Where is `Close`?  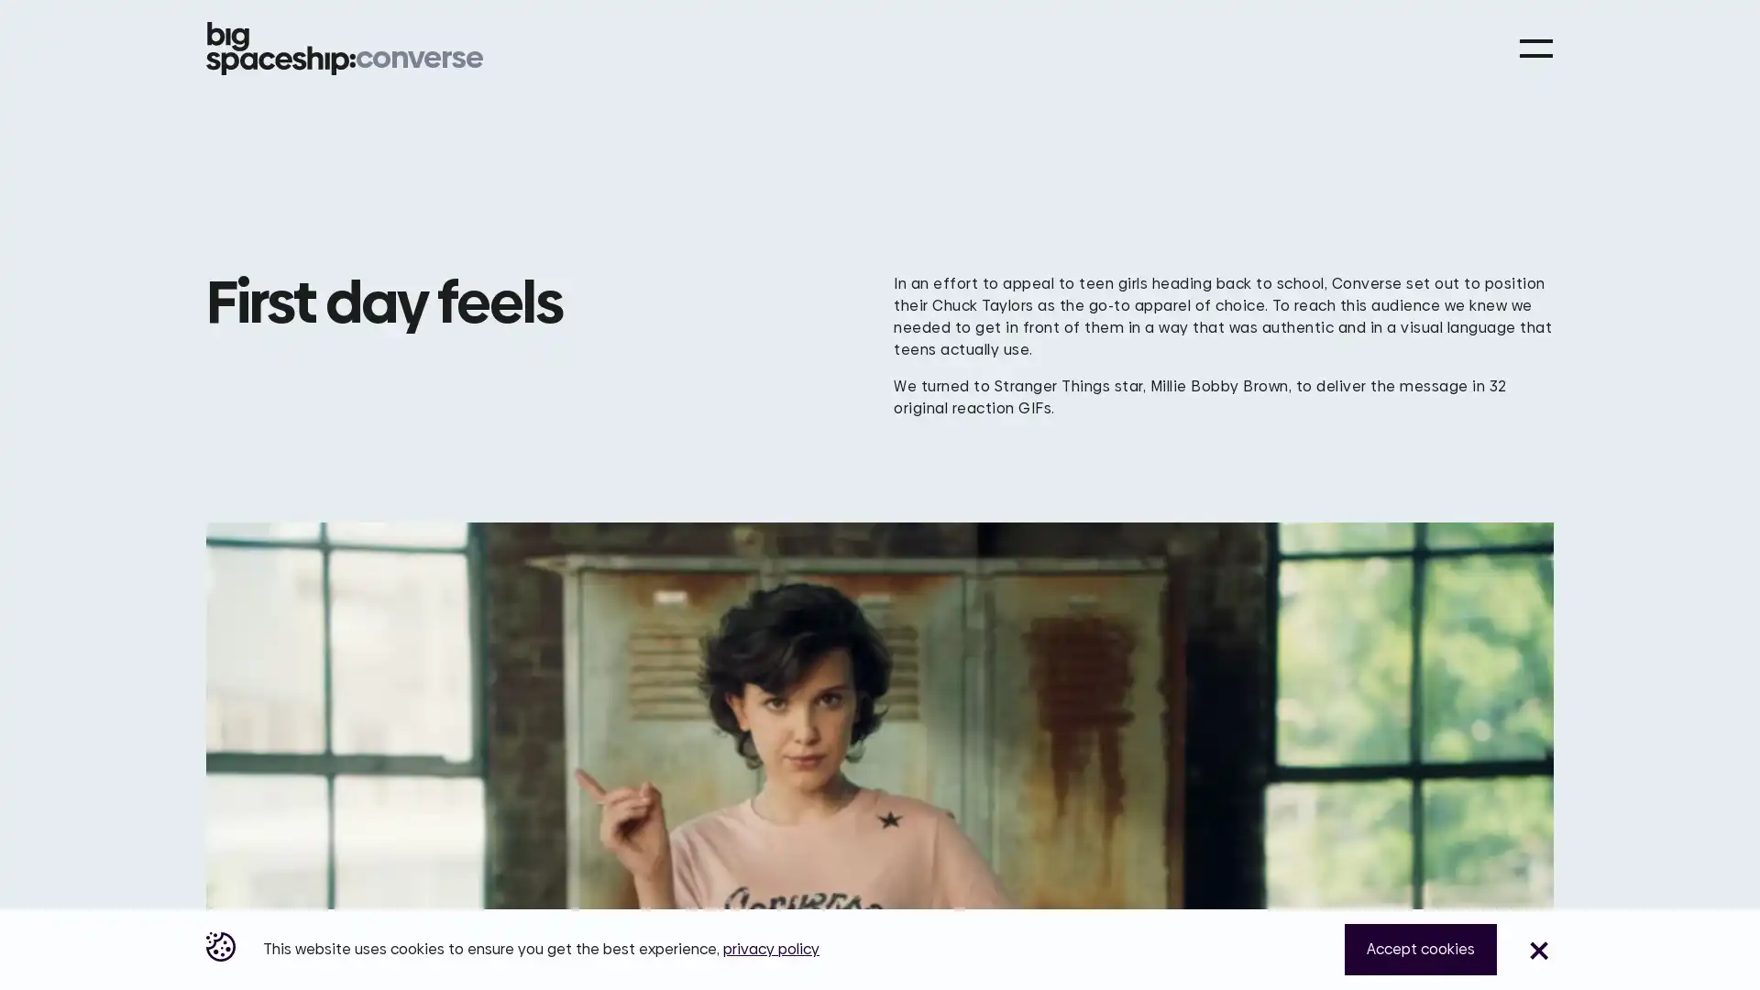 Close is located at coordinates (1539, 950).